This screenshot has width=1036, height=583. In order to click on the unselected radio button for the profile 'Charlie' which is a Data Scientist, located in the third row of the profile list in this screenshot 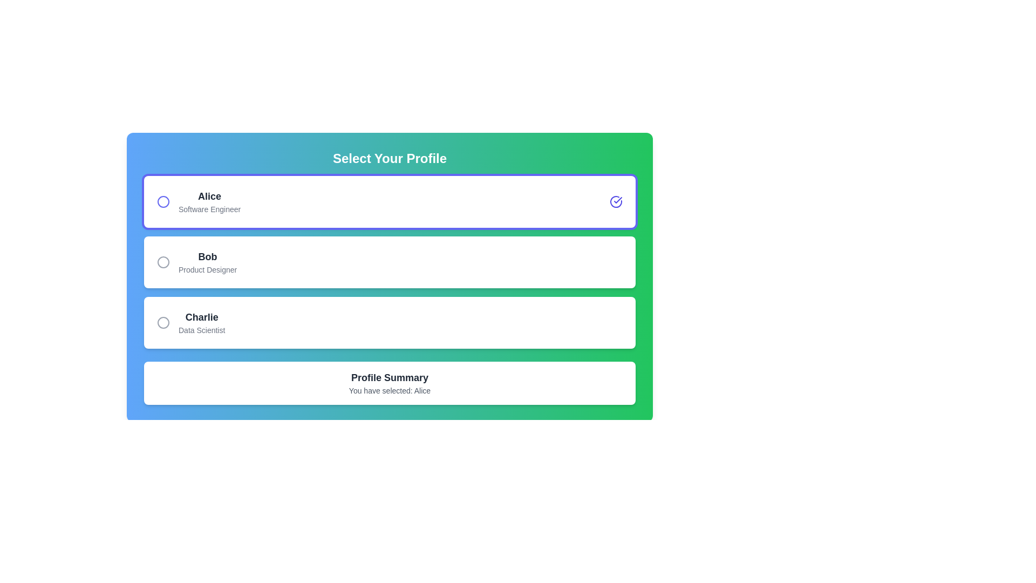, I will do `click(191, 322)`.